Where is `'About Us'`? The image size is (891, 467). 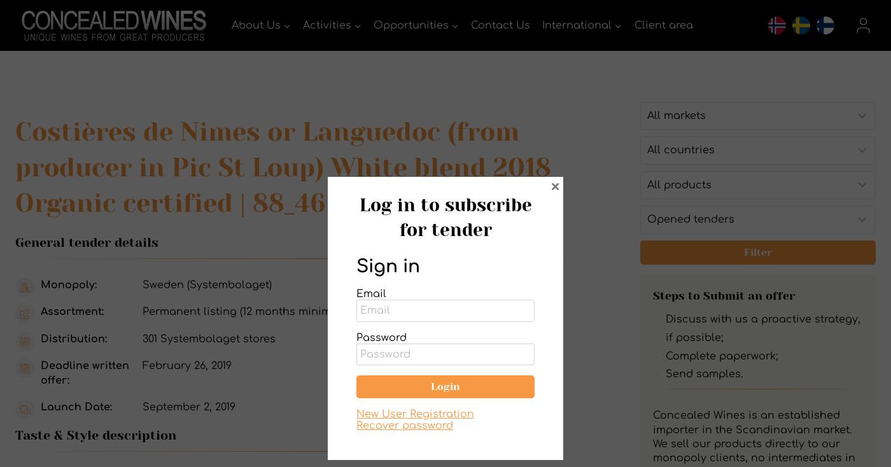
'About Us' is located at coordinates (255, 24).